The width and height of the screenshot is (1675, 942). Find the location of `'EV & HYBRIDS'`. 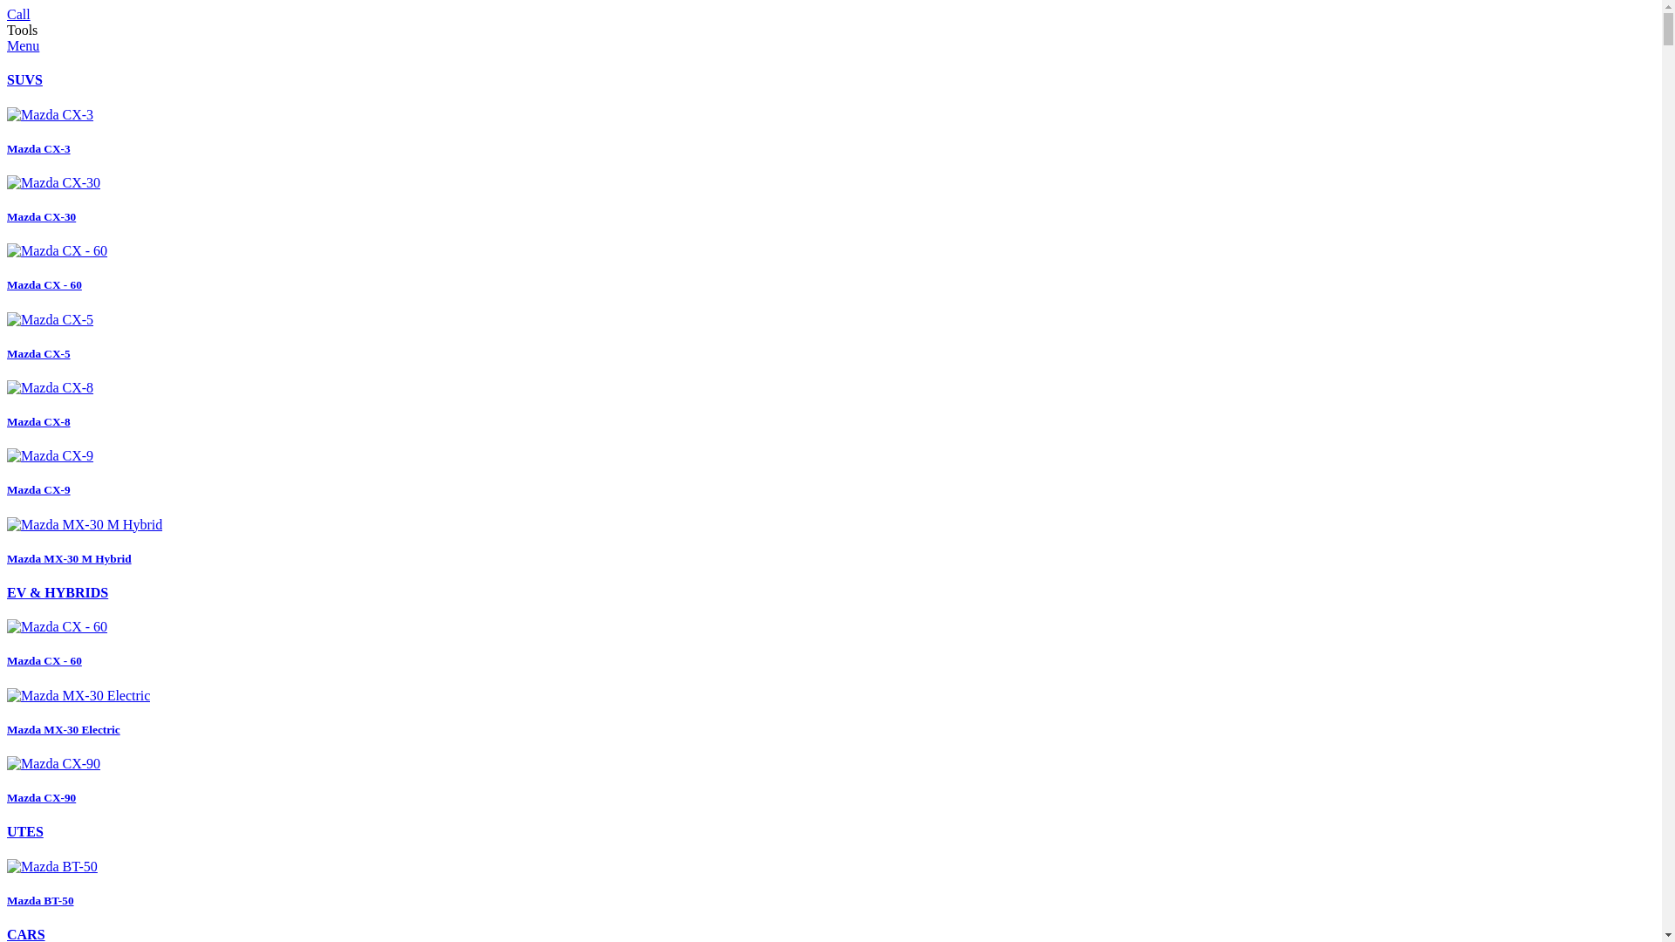

'EV & HYBRIDS' is located at coordinates (58, 591).